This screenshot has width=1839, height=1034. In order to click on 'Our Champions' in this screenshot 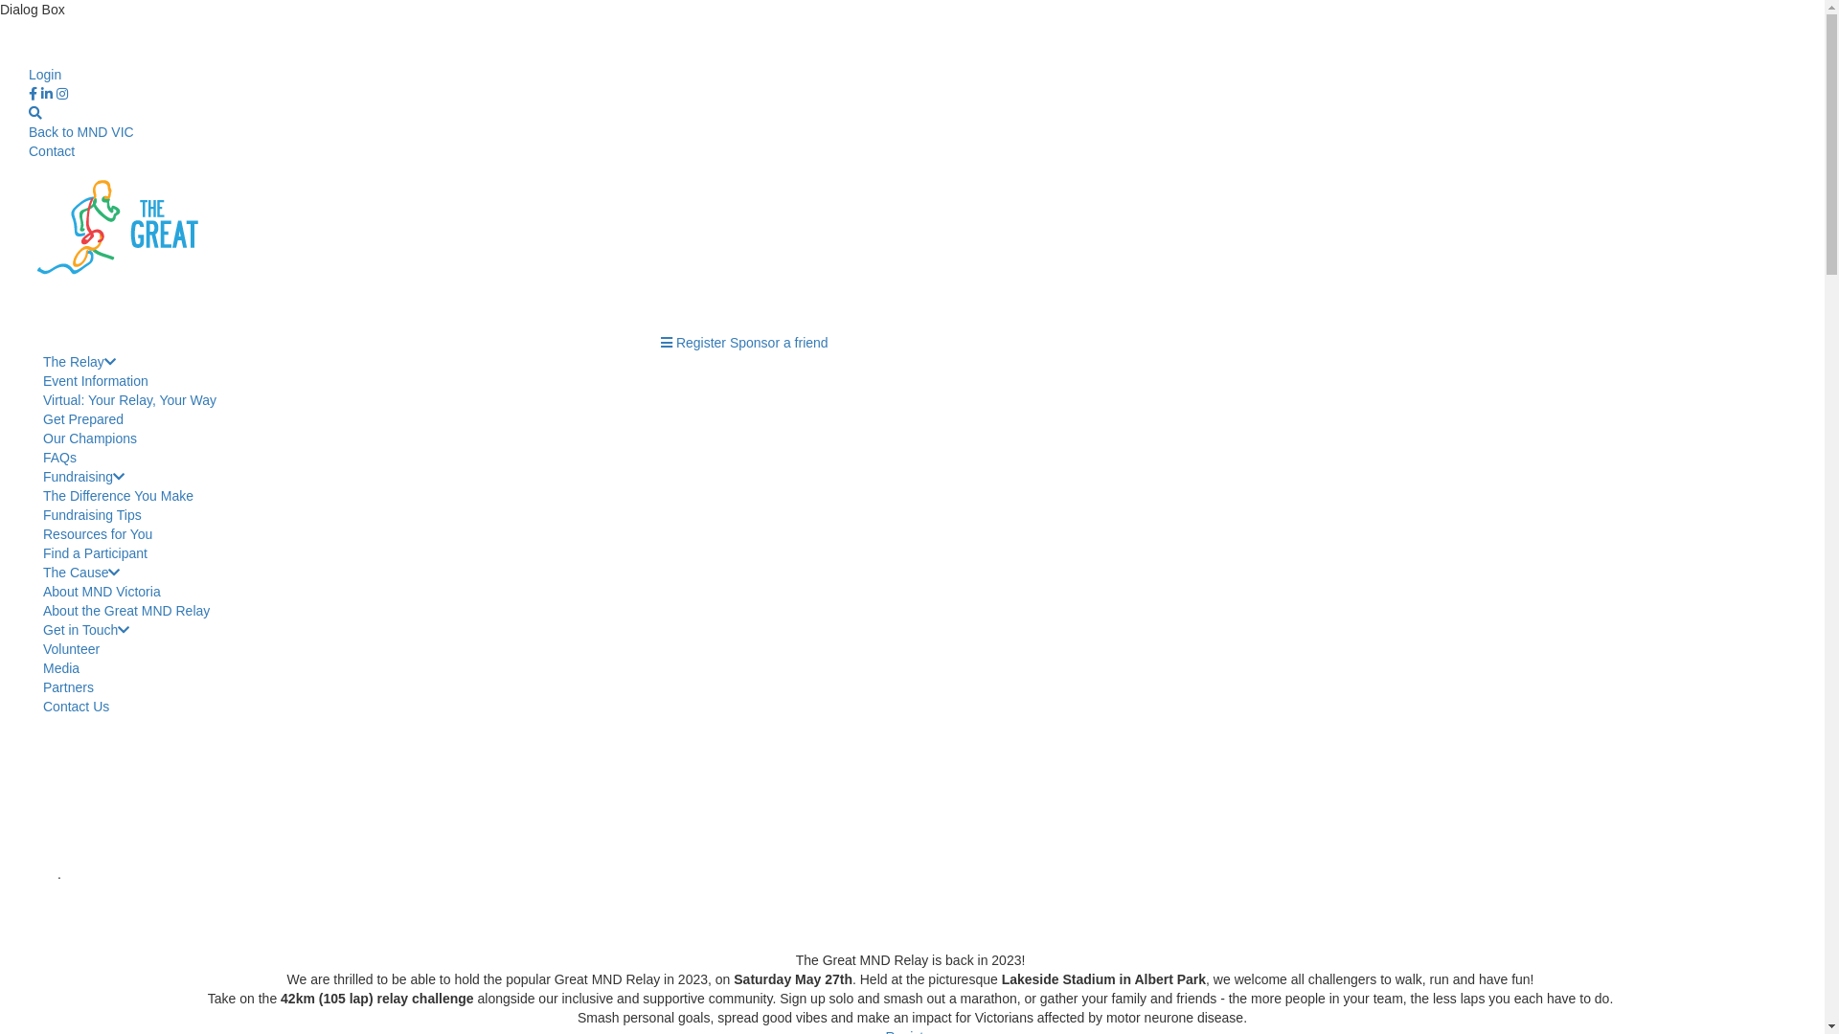, I will do `click(42, 438)`.